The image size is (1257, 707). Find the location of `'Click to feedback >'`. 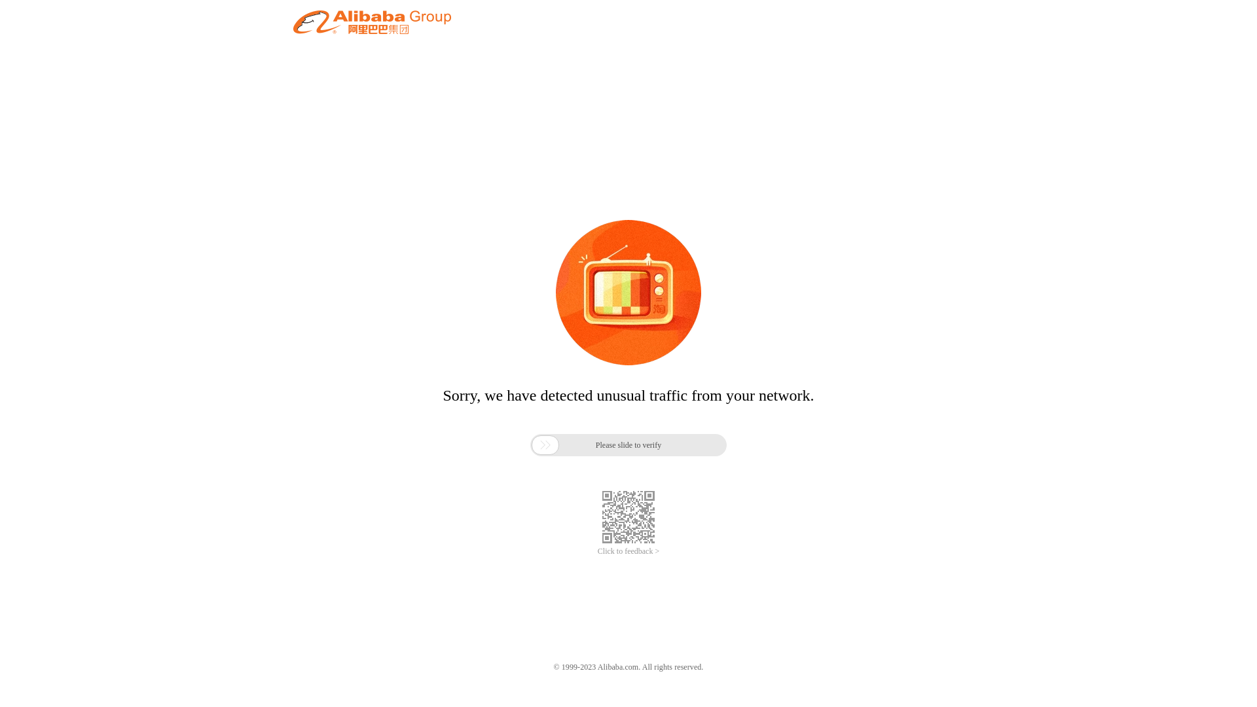

'Click to feedback >' is located at coordinates (628, 551).